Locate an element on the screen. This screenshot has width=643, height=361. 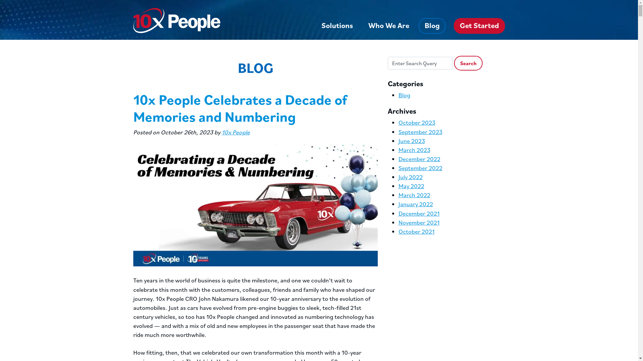
'December 2021' is located at coordinates (419, 213).